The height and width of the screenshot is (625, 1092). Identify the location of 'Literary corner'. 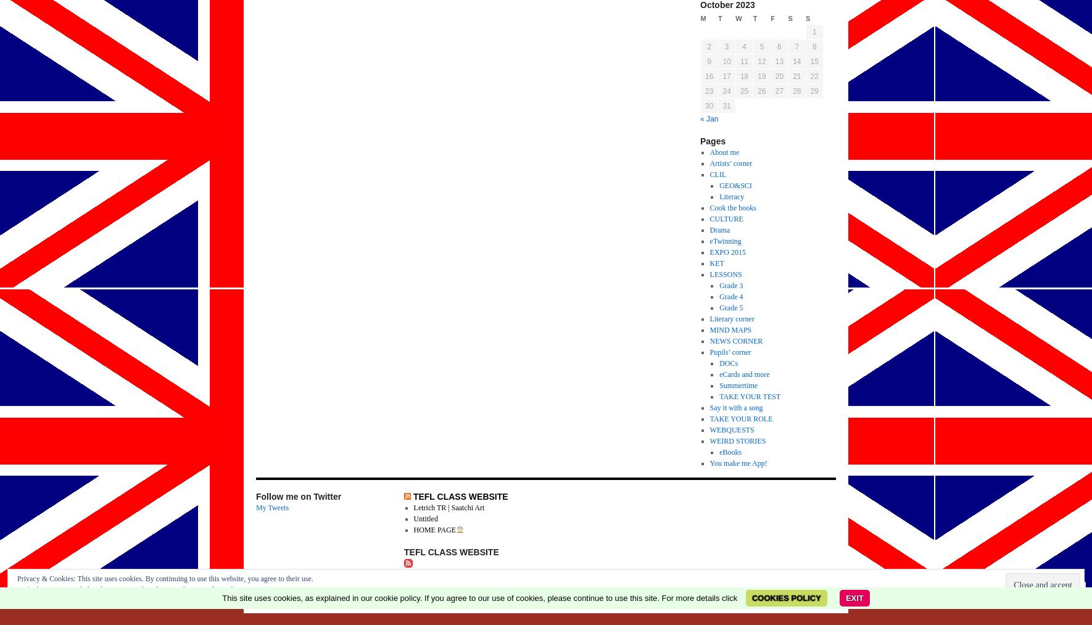
(709, 319).